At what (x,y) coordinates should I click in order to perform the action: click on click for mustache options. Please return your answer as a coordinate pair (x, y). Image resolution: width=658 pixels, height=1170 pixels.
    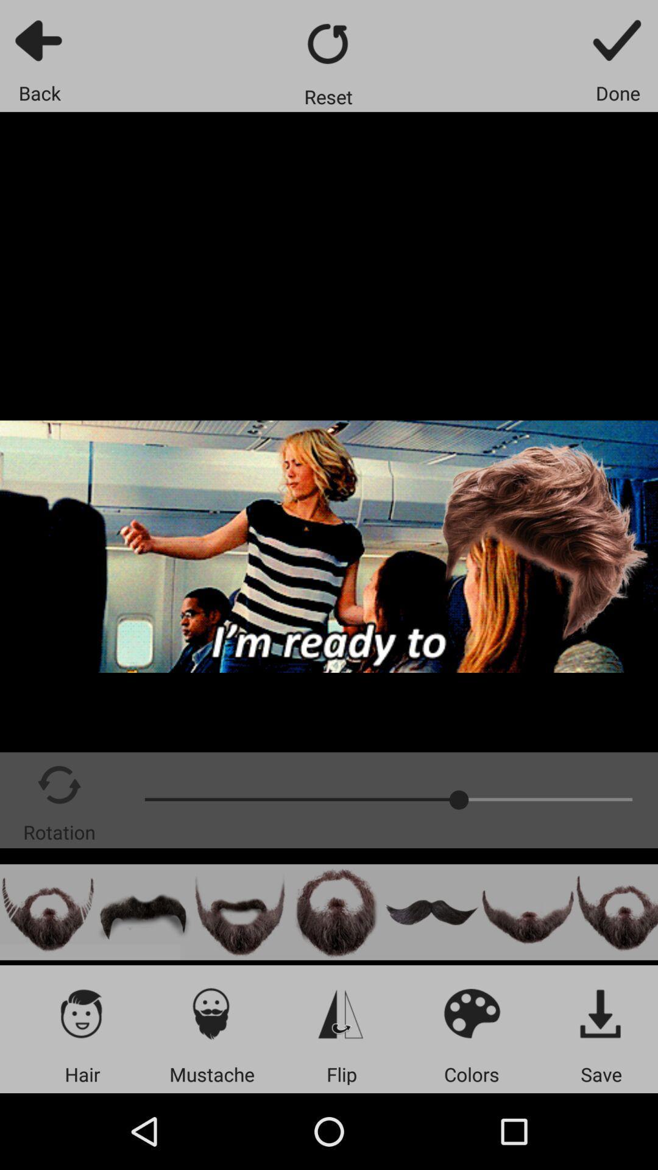
    Looking at the image, I should click on (211, 1013).